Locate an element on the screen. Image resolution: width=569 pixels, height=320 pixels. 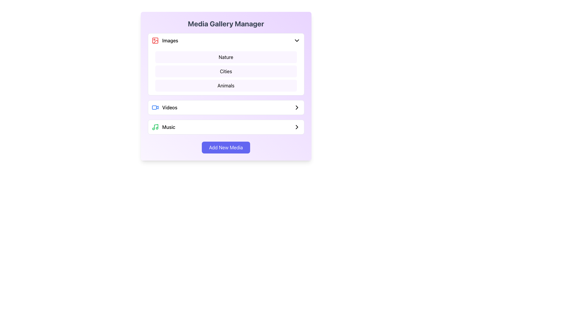
the Text Label displaying 'Animals' with a purple background in the Media Gallery Manager, positioned as the third item in the vertical list under the 'Images' category is located at coordinates (226, 86).